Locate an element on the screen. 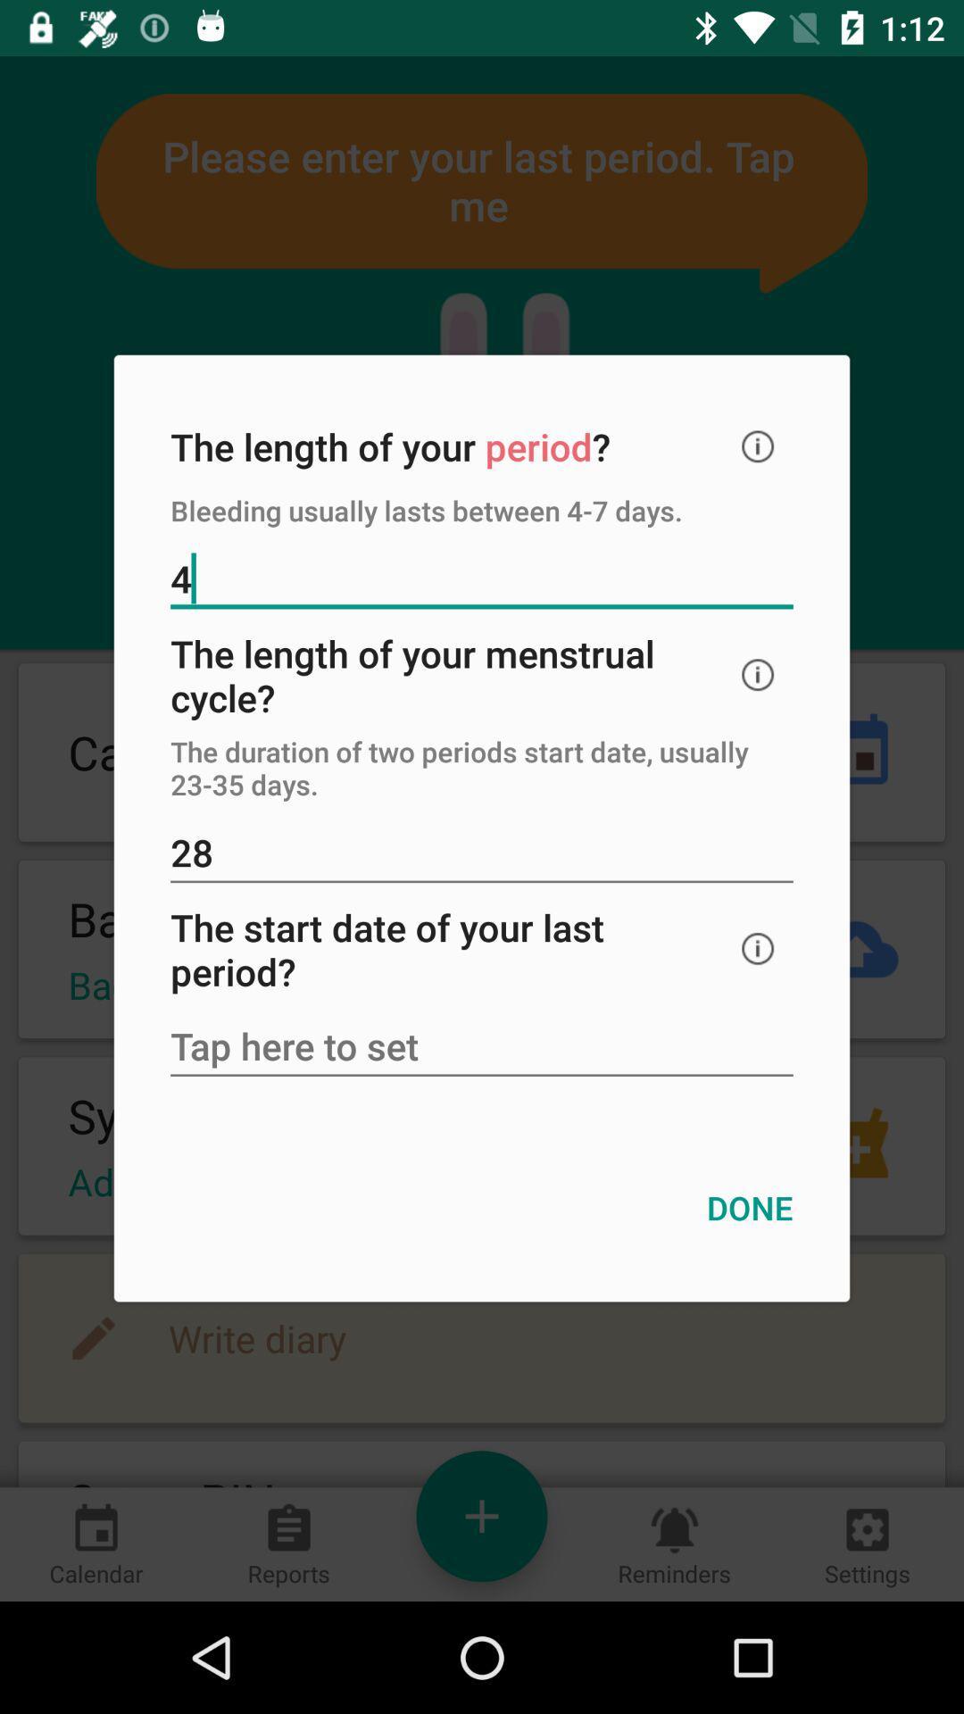 This screenshot has width=964, height=1714. more information is located at coordinates (758, 948).